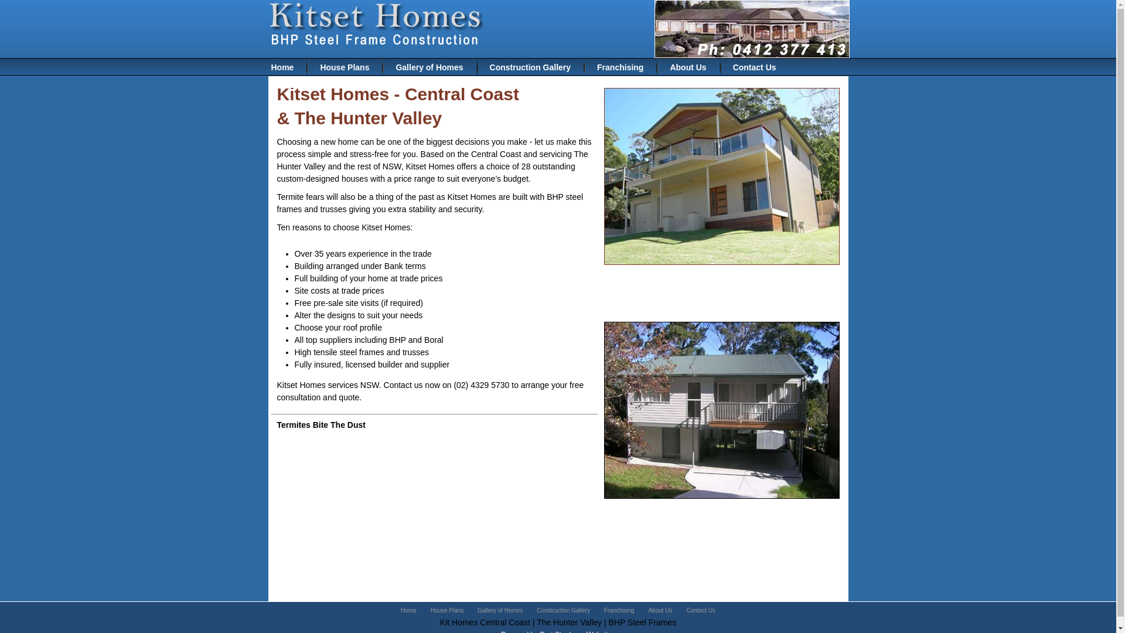  What do you see at coordinates (531, 67) in the screenshot?
I see `'Construction Gallery'` at bounding box center [531, 67].